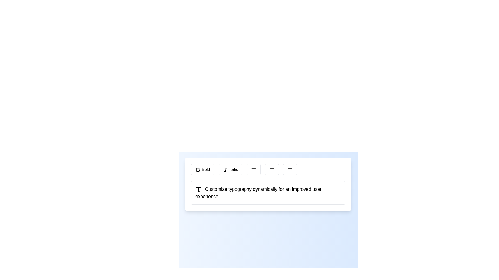 Image resolution: width=499 pixels, height=280 pixels. Describe the element at coordinates (198, 190) in the screenshot. I see `the 'T' icon with a black outline, positioned to the far-left of the text 'Customize typography dynamically for an improved user experience.'` at that location.